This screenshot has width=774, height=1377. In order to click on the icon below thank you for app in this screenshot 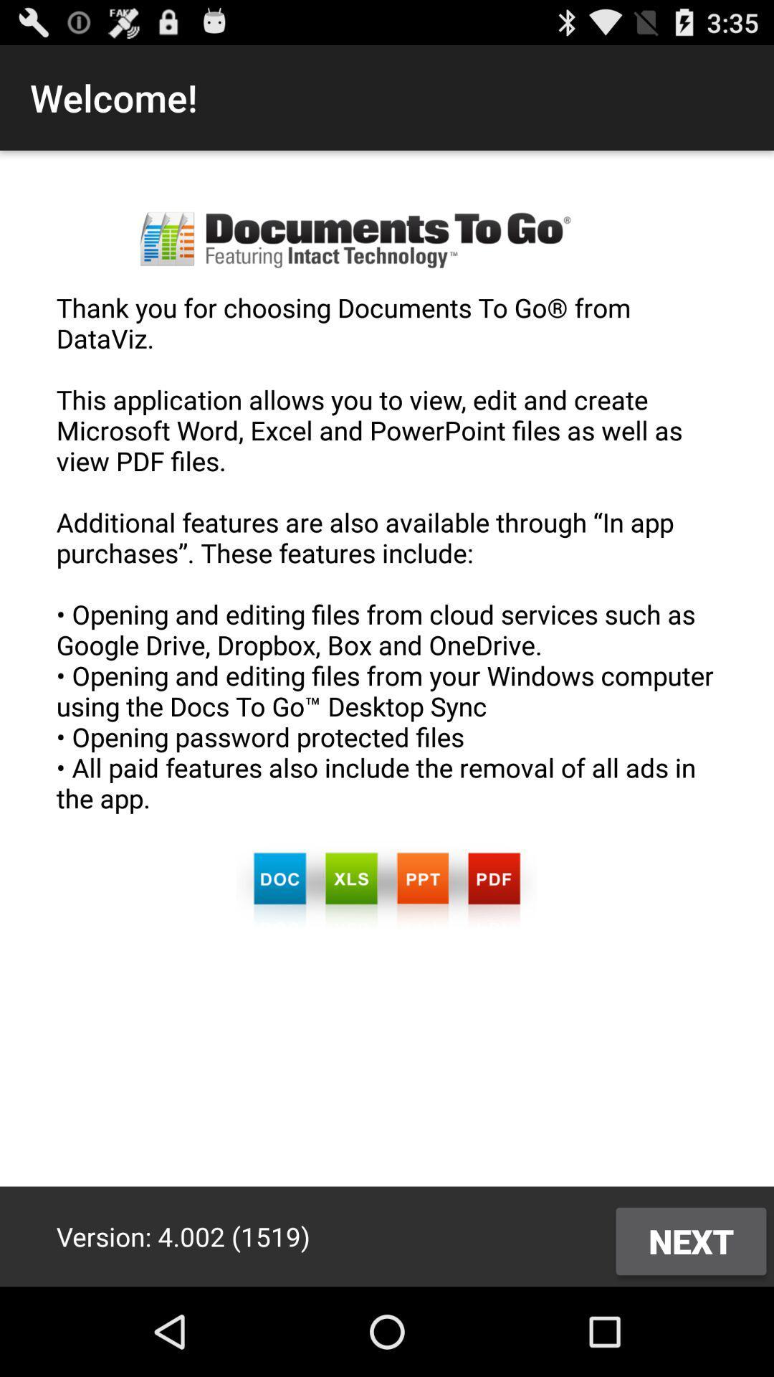, I will do `click(690, 1241)`.